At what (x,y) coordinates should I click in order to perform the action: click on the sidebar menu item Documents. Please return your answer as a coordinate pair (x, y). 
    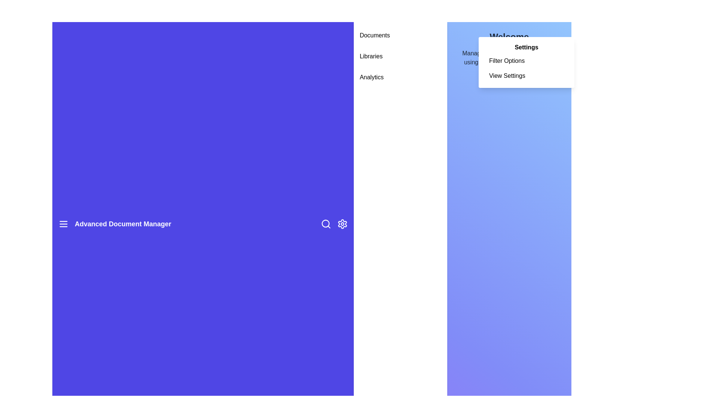
    Looking at the image, I should click on (400, 36).